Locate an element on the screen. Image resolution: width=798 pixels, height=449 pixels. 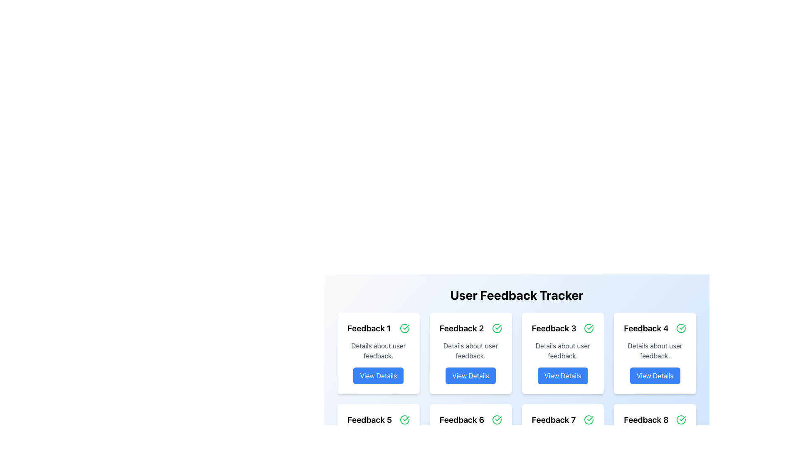
text element labeled 'Feedback 5', which is located in the lower row of feedback boxes, styled in bold black font against a white background is located at coordinates (369, 420).